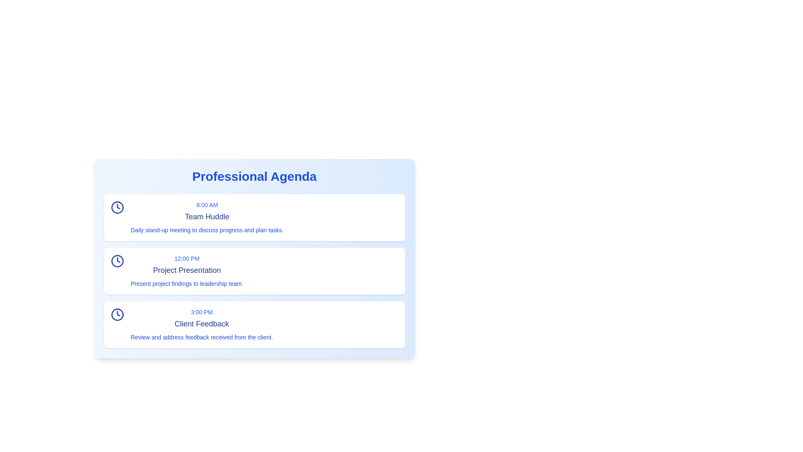 This screenshot has width=803, height=452. What do you see at coordinates (187, 258) in the screenshot?
I see `the time label displaying '12:00 PM' in blue text, located near the top-left corner of the section titled 'Project Presentation'` at bounding box center [187, 258].